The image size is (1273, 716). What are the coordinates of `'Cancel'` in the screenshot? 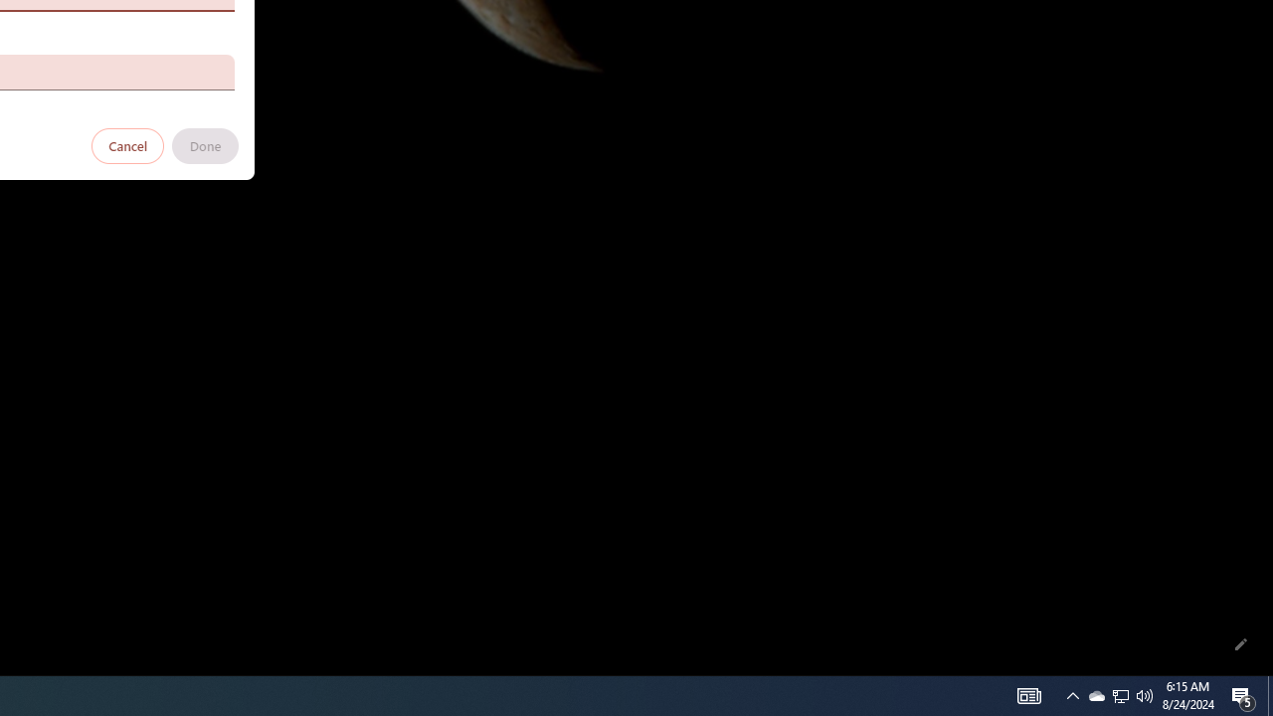 It's located at (127, 144).